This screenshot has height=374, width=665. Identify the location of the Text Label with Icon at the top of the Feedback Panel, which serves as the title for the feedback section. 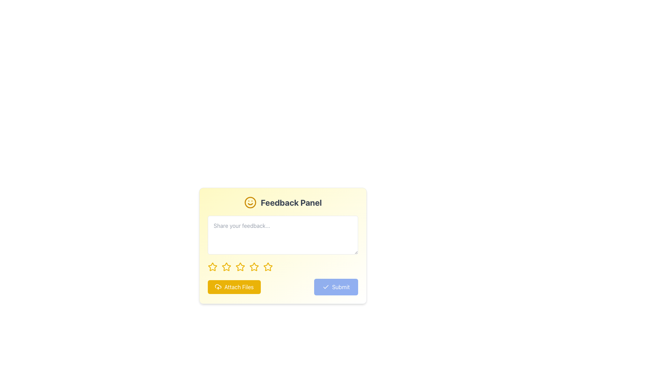
(283, 203).